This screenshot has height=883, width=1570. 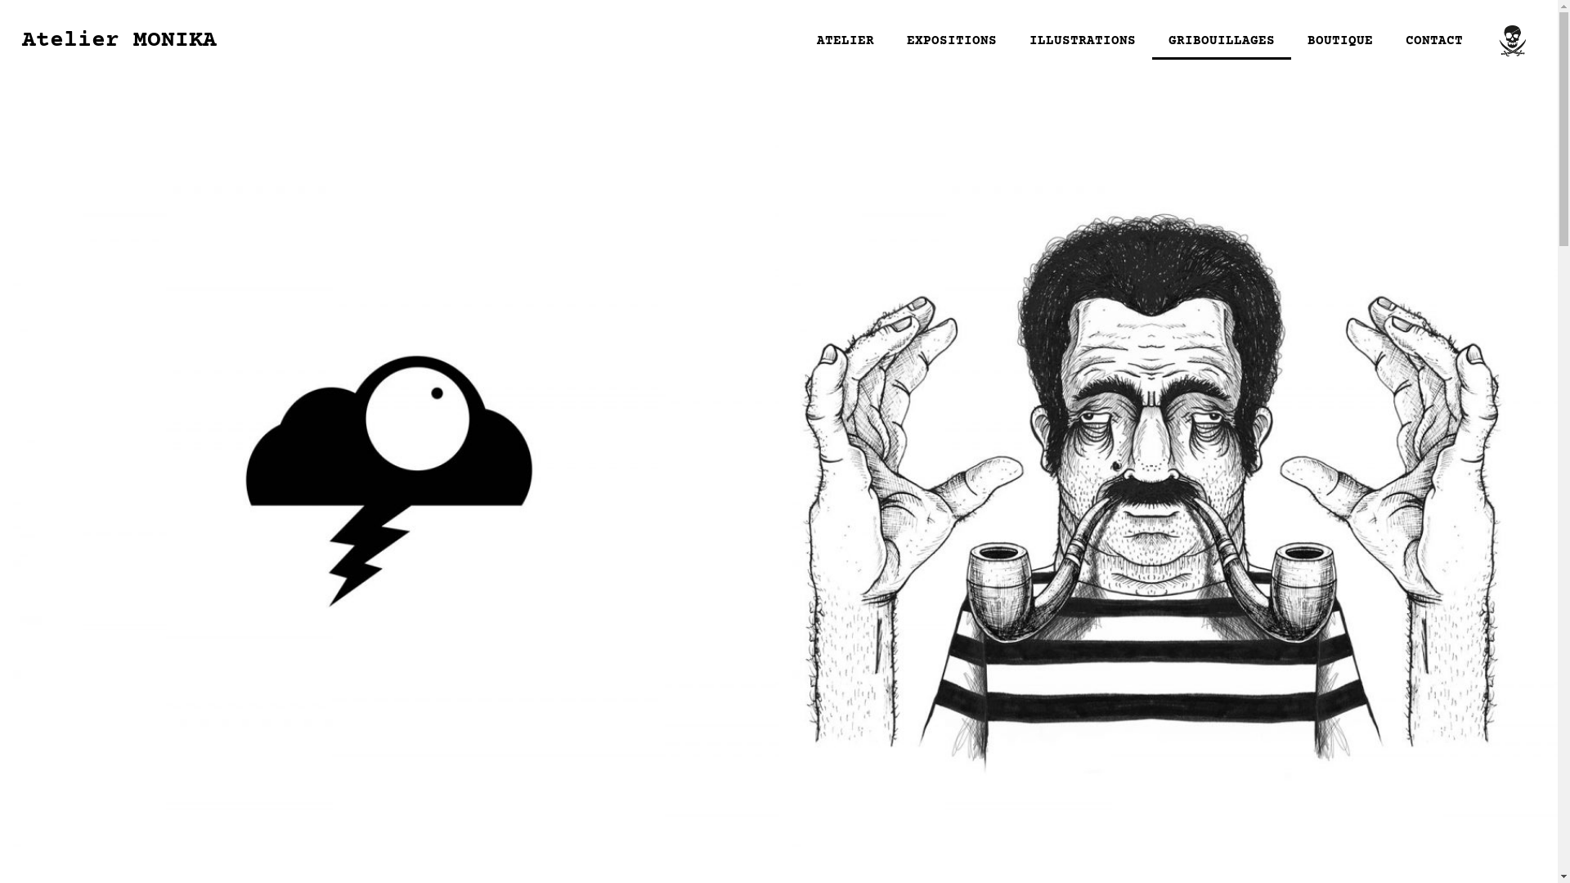 I want to click on 'CONTACT', so click(x=1433, y=40).